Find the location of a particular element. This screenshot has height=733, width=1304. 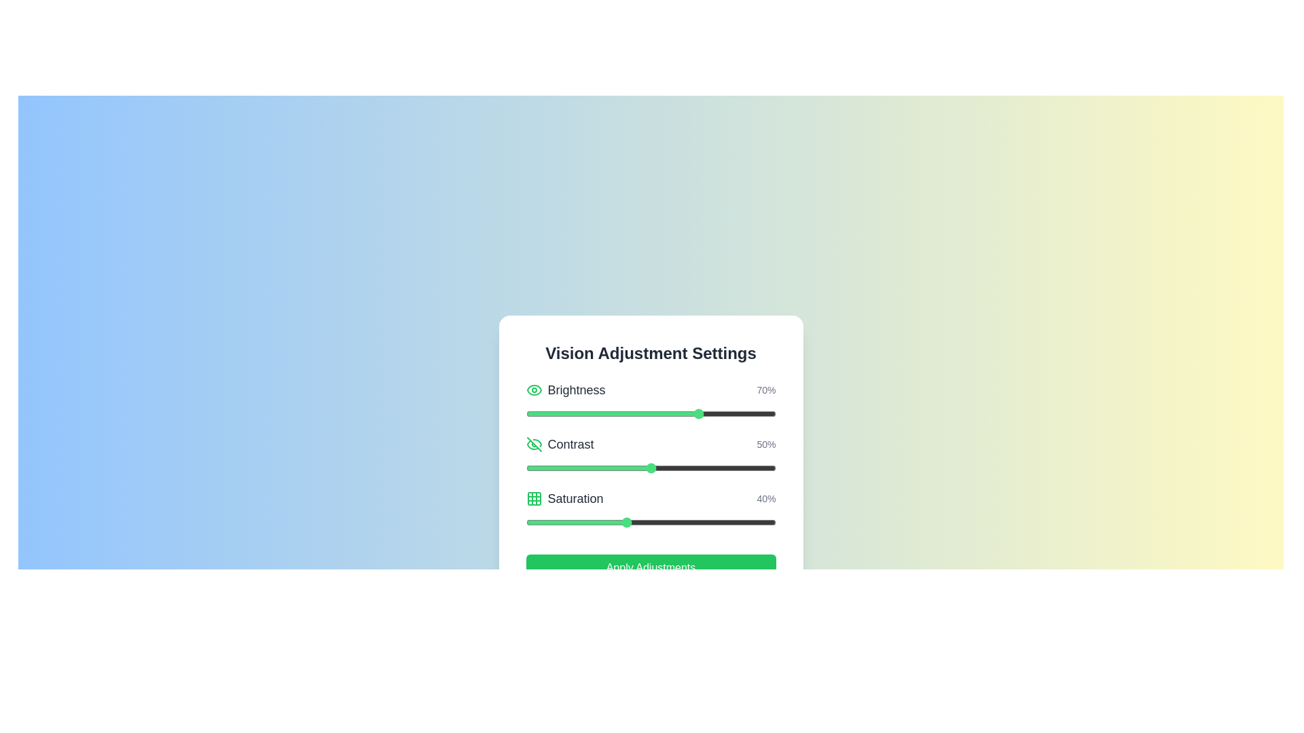

the saturation slider to set the saturation level to 82% is located at coordinates (730, 522).